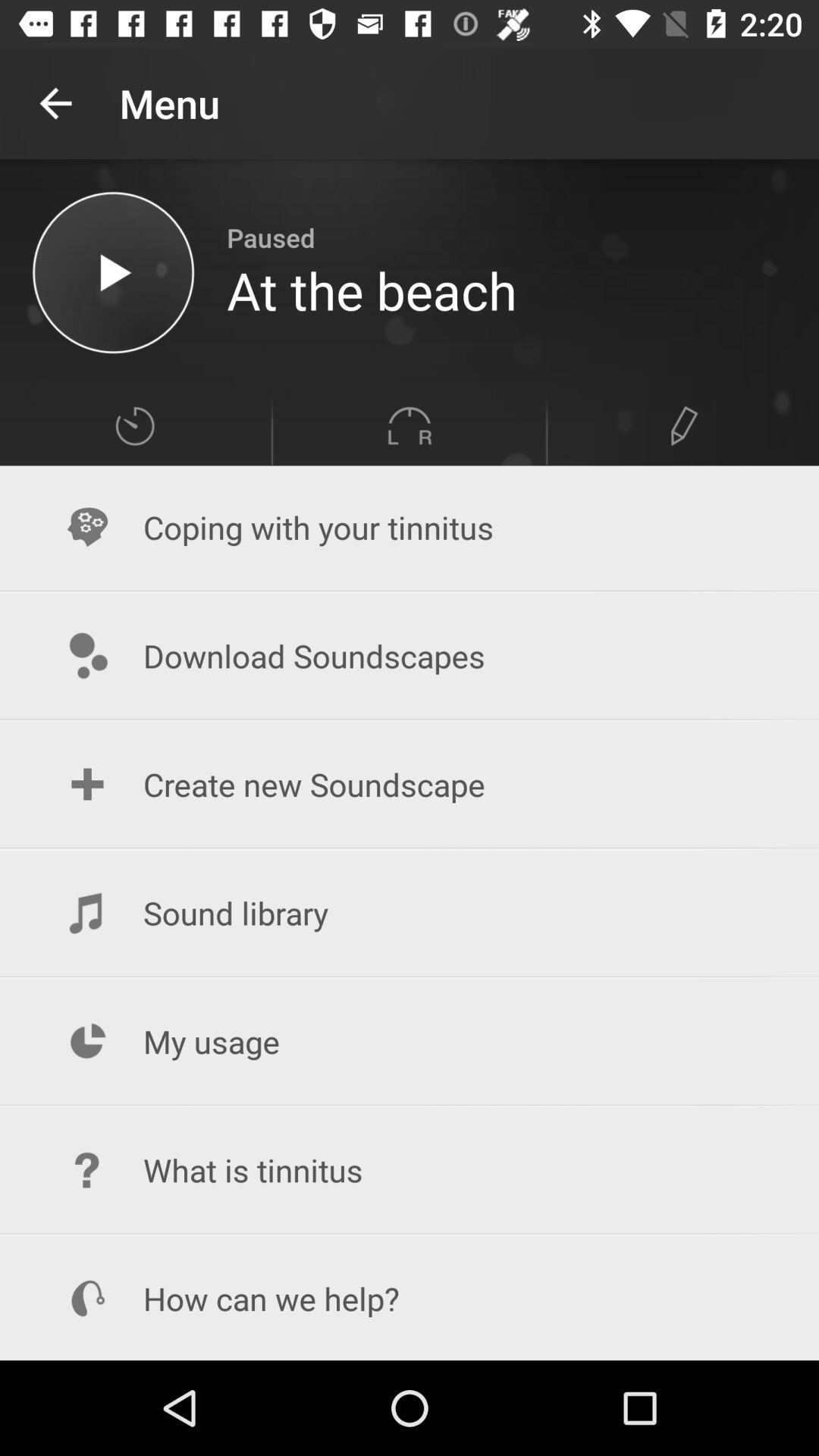 This screenshot has height=1456, width=819. What do you see at coordinates (112, 272) in the screenshot?
I see `because back devicer` at bounding box center [112, 272].